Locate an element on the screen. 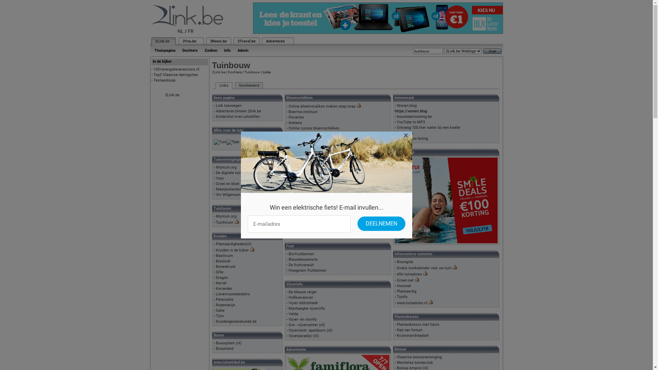 Image resolution: width=658 pixels, height=370 pixels. 'Meetjeslandse tuinclub' is located at coordinates (215, 189).